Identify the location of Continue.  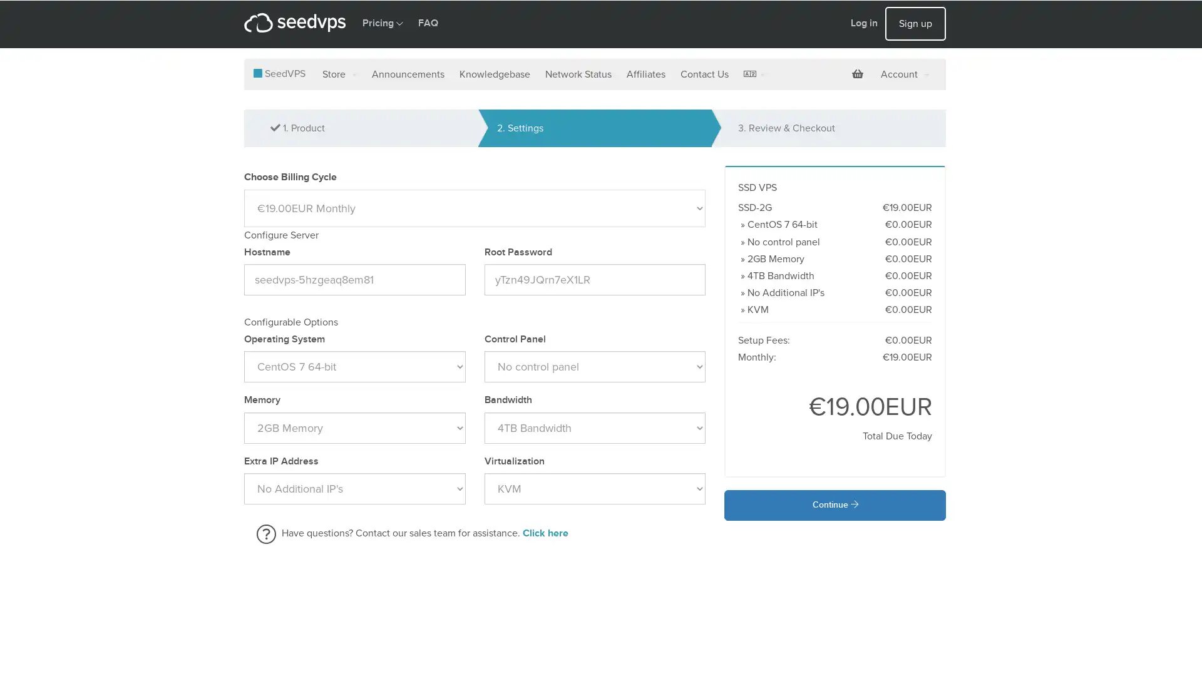
(835, 504).